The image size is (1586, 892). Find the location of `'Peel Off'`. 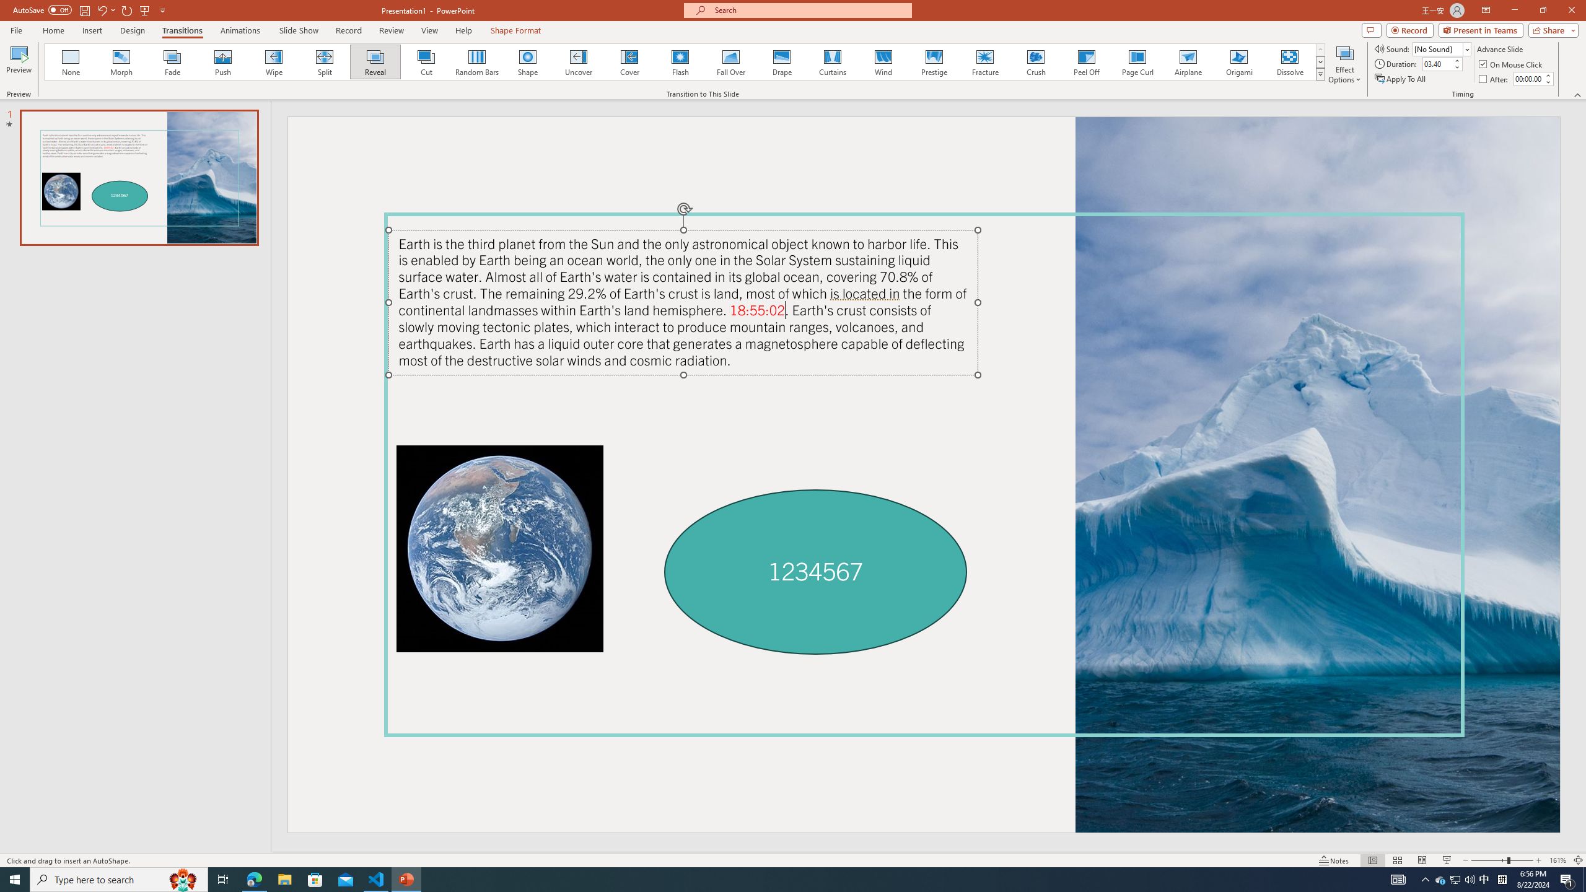

'Peel Off' is located at coordinates (1085, 61).